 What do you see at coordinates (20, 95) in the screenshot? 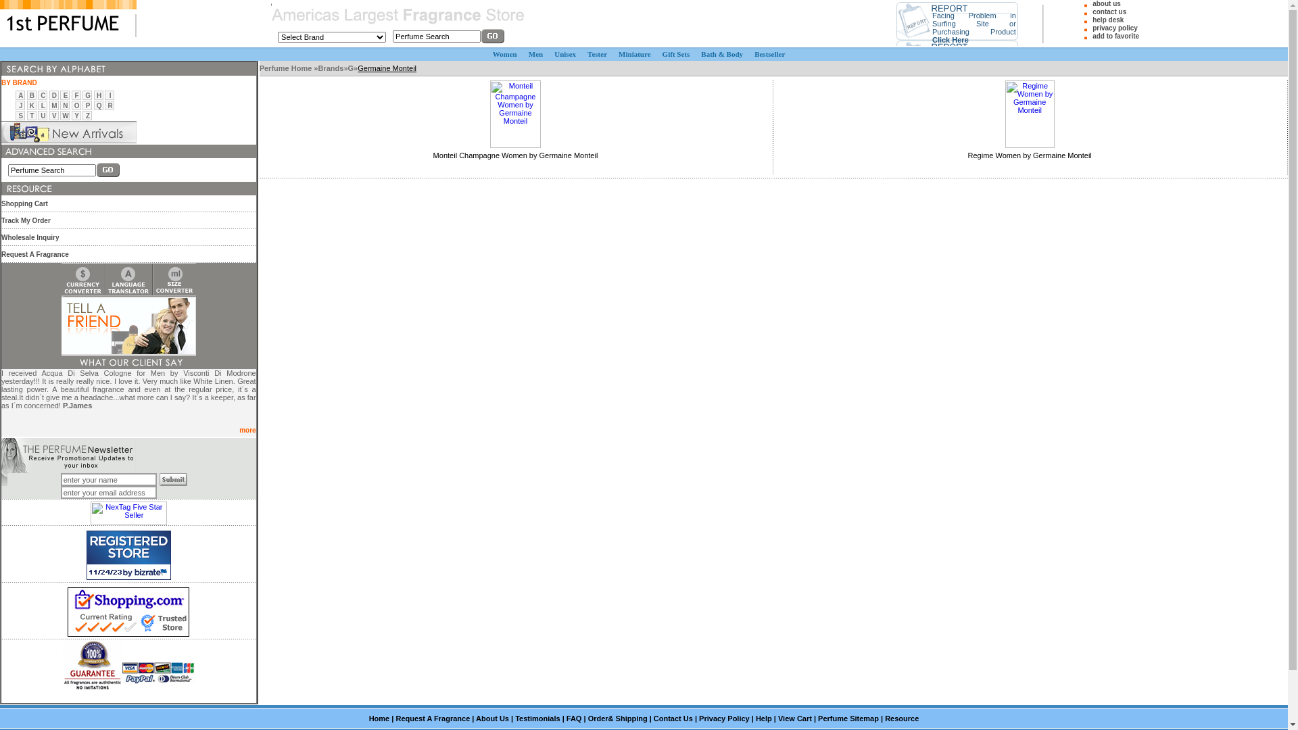
I see `'A'` at bounding box center [20, 95].